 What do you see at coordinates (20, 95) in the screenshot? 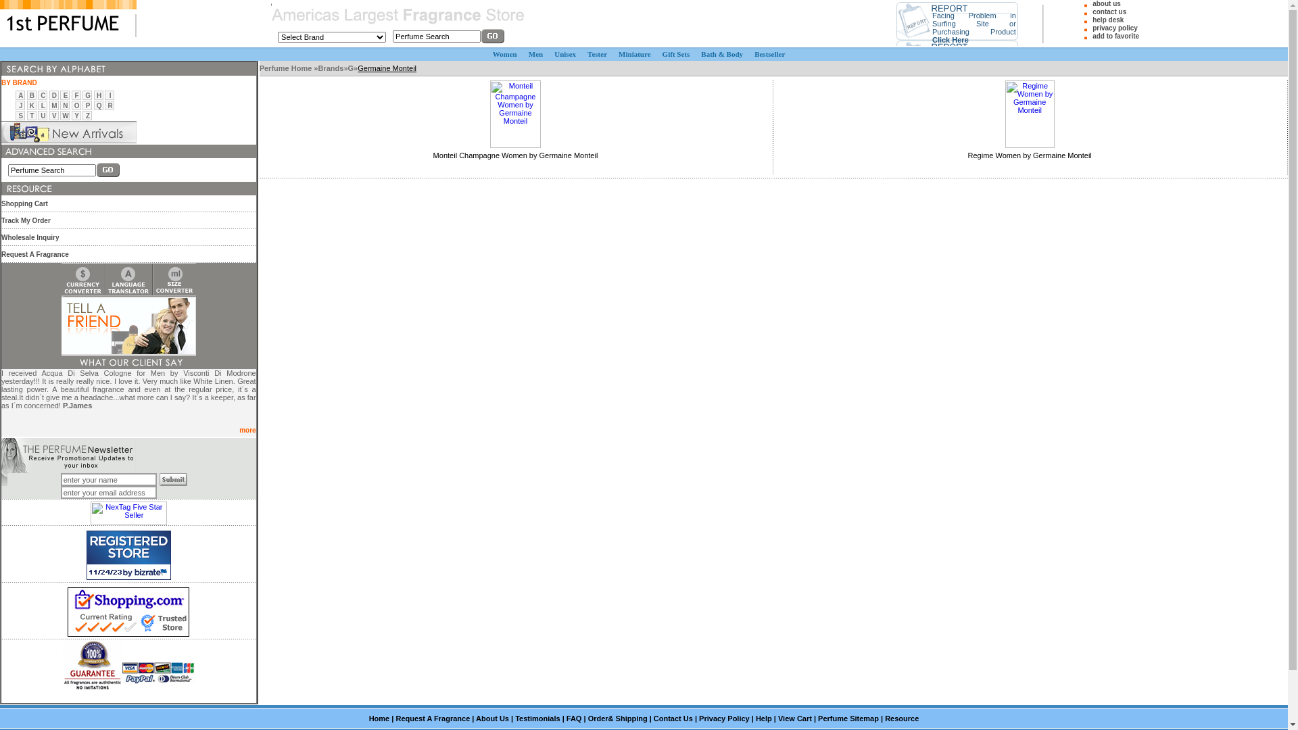
I see `'A'` at bounding box center [20, 95].